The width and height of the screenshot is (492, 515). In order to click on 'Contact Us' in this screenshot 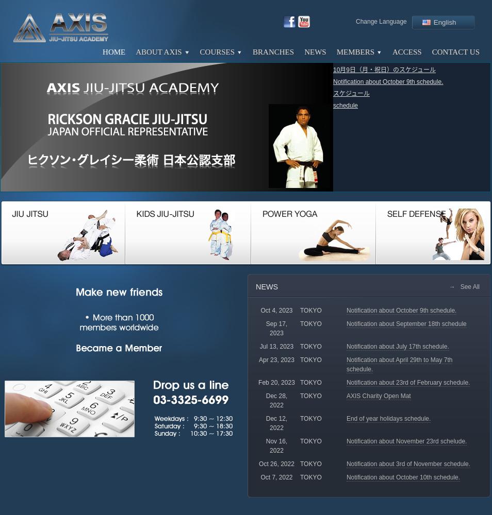, I will do `click(432, 51)`.